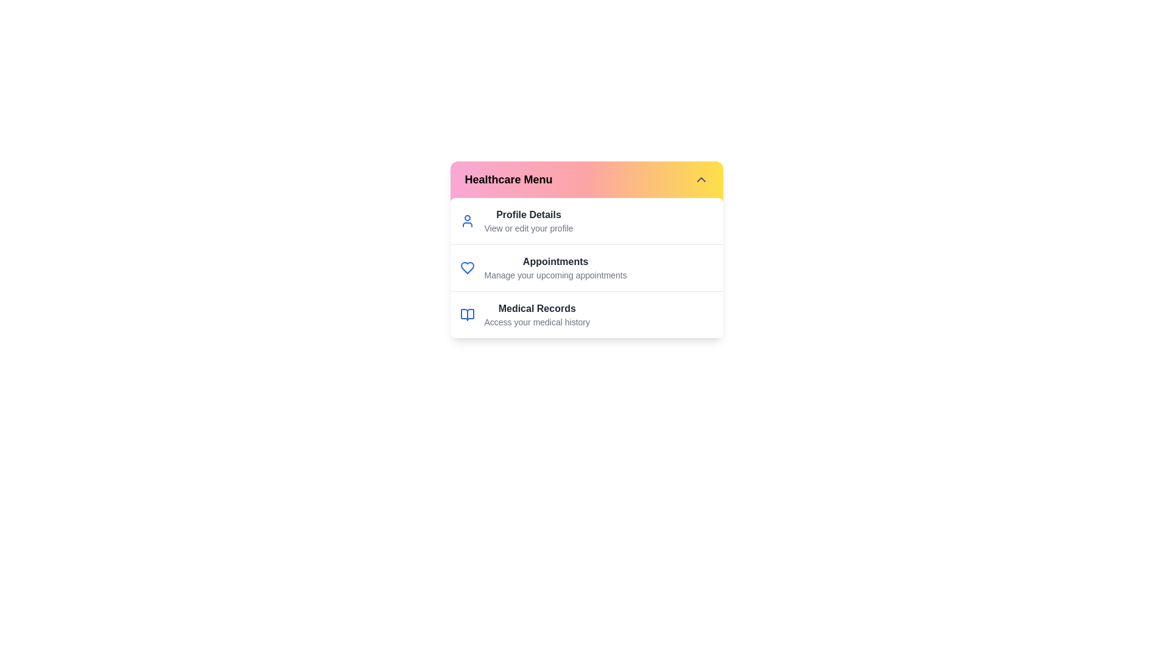 The image size is (1169, 658). What do you see at coordinates (701, 179) in the screenshot?
I see `collapse button to collapse the menu` at bounding box center [701, 179].